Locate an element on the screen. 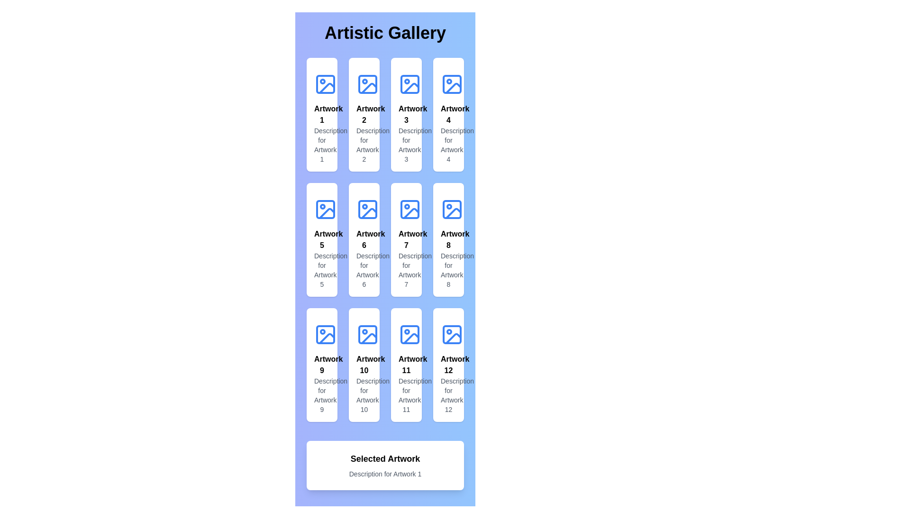 The image size is (910, 512). the Content card displaying 'Artwork 12' with a blue icon and a white background located in the last column of the grid is located at coordinates (448, 365).